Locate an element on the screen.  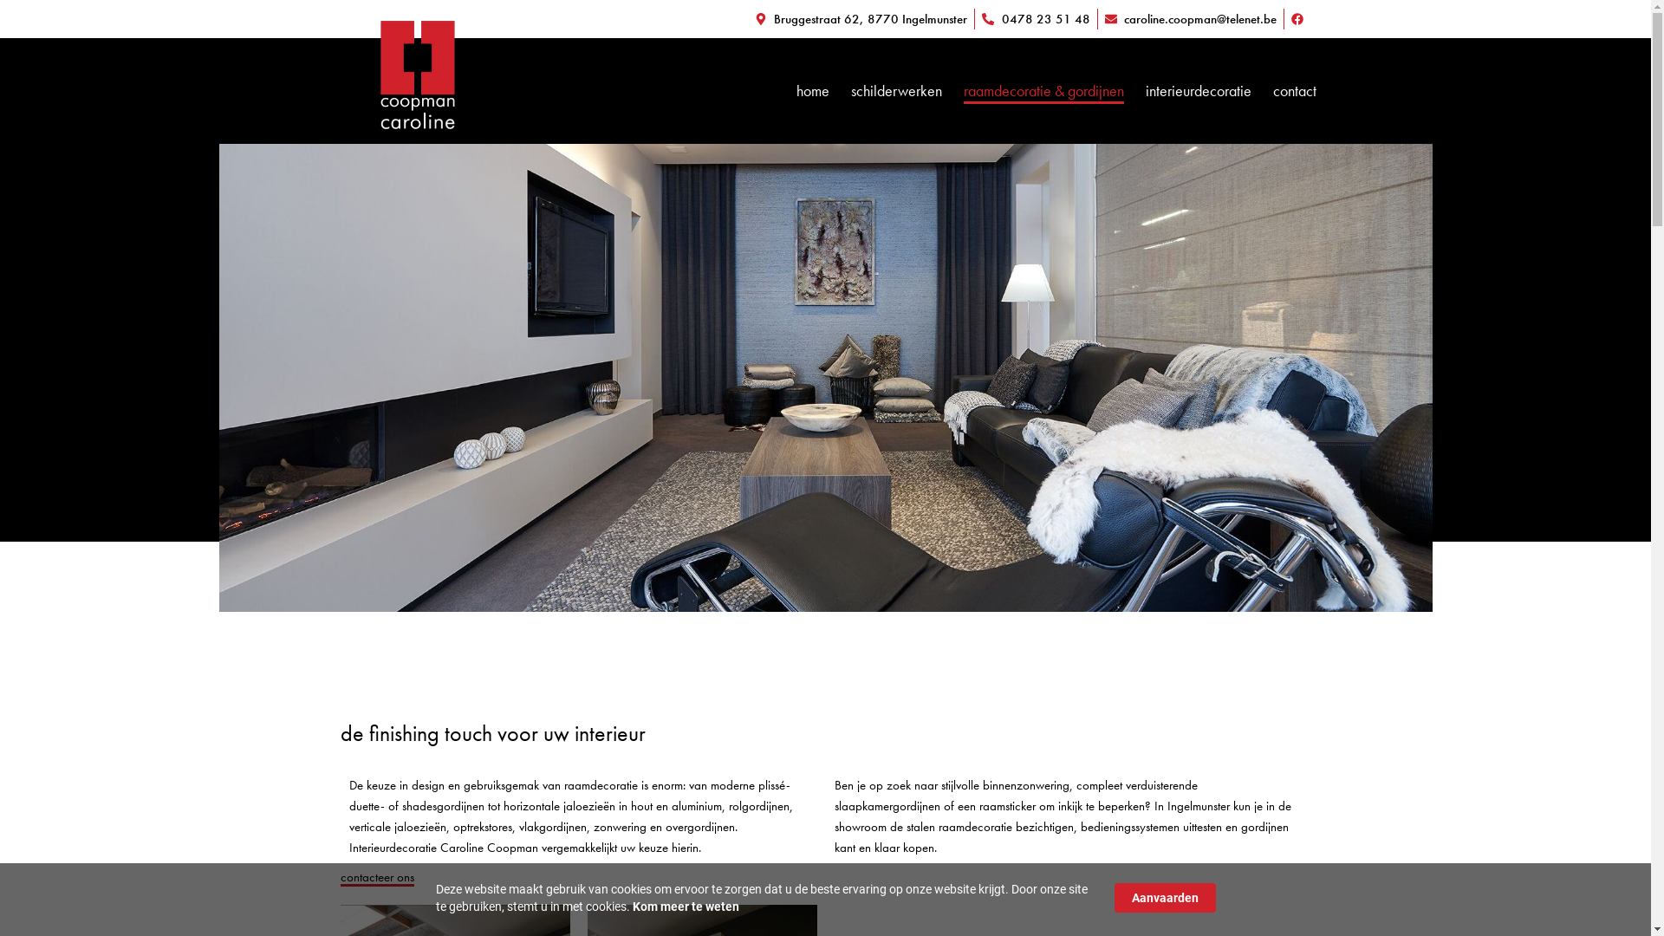
'schilderwerken' is located at coordinates (896, 90).